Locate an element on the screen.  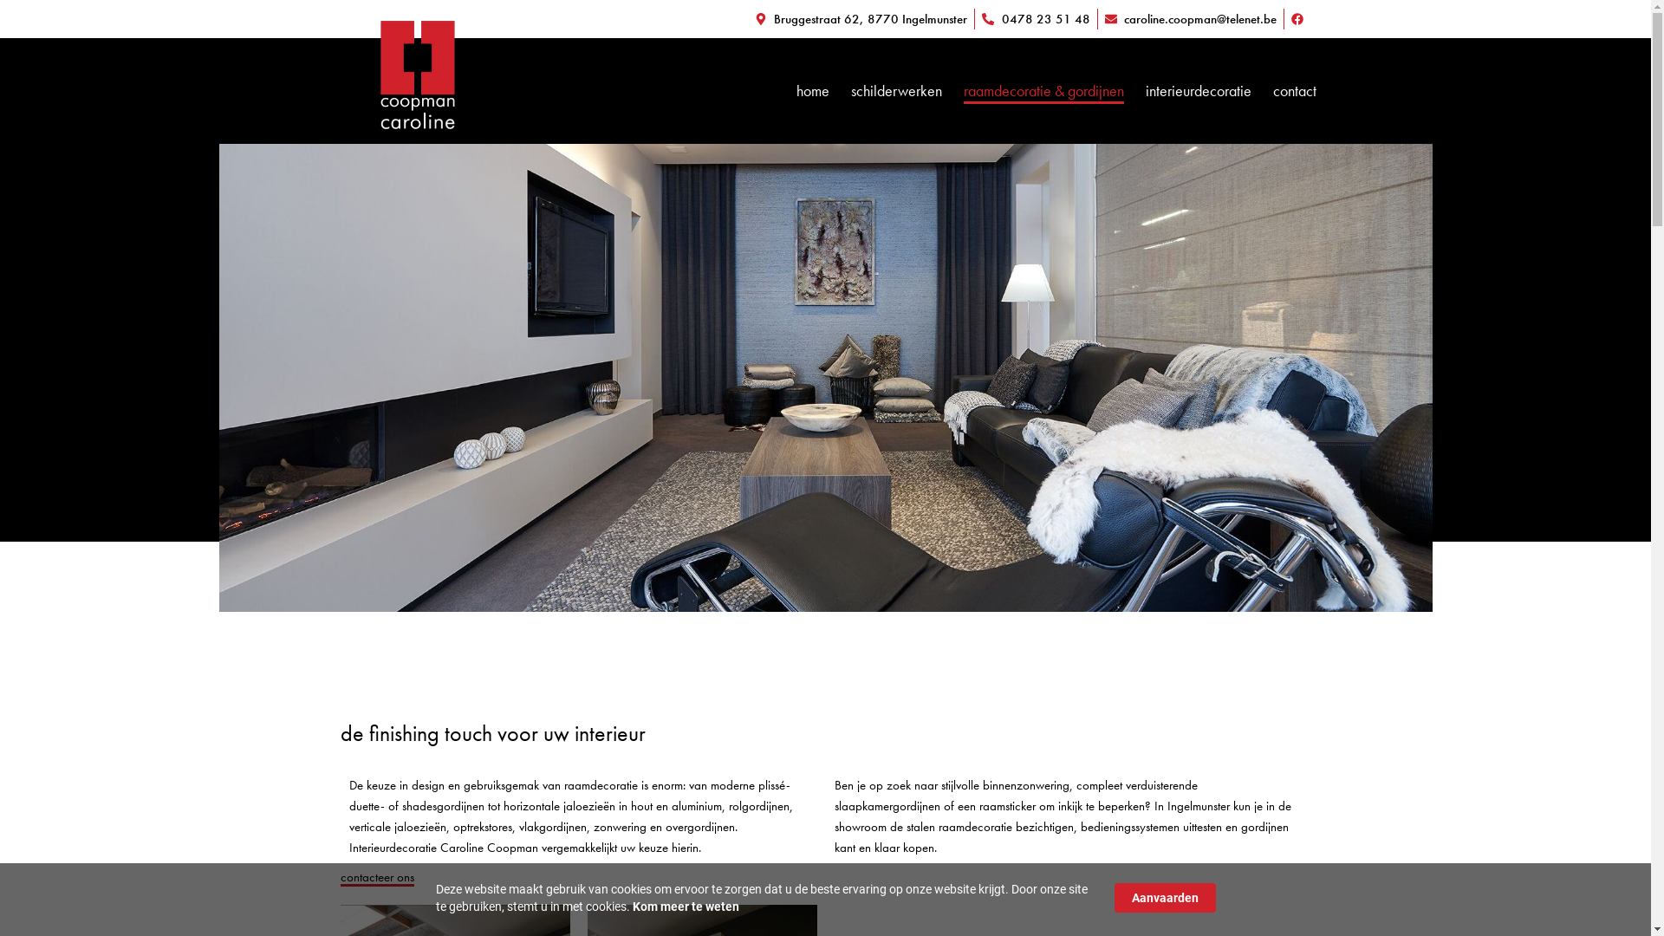
'schilderwerken' is located at coordinates (896, 90).